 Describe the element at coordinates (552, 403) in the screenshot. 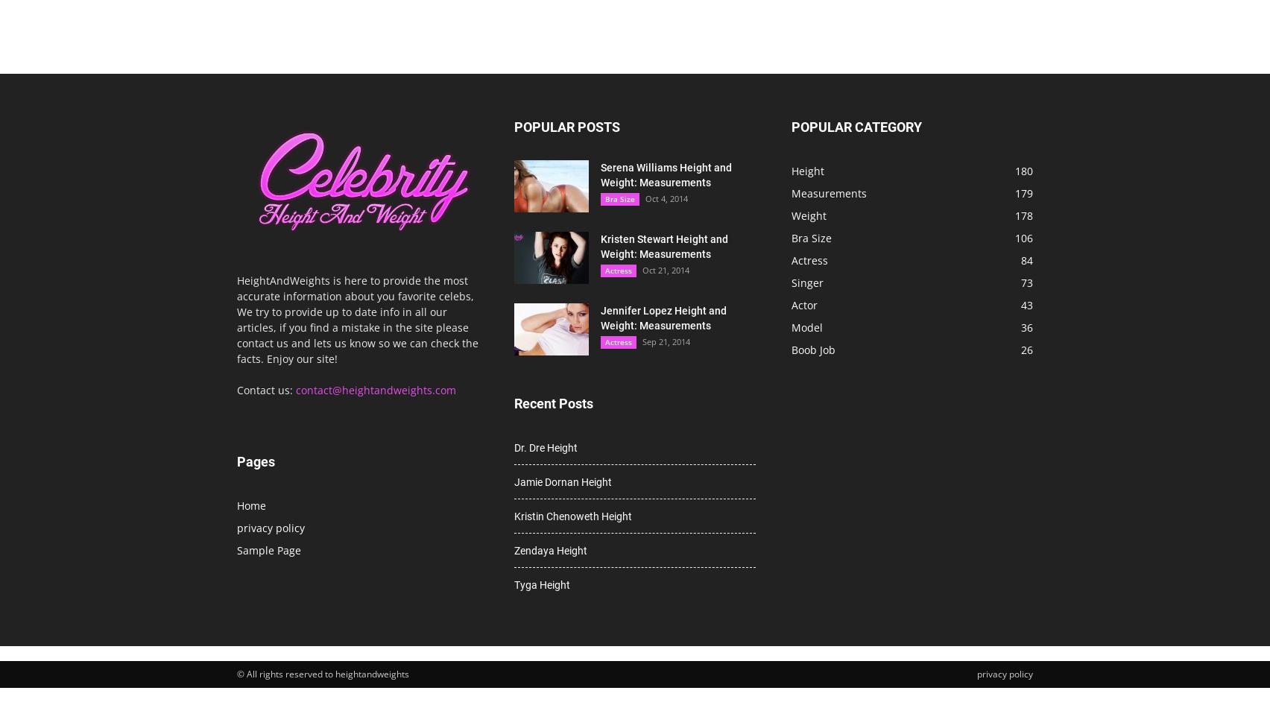

I see `'Recent Posts'` at that location.